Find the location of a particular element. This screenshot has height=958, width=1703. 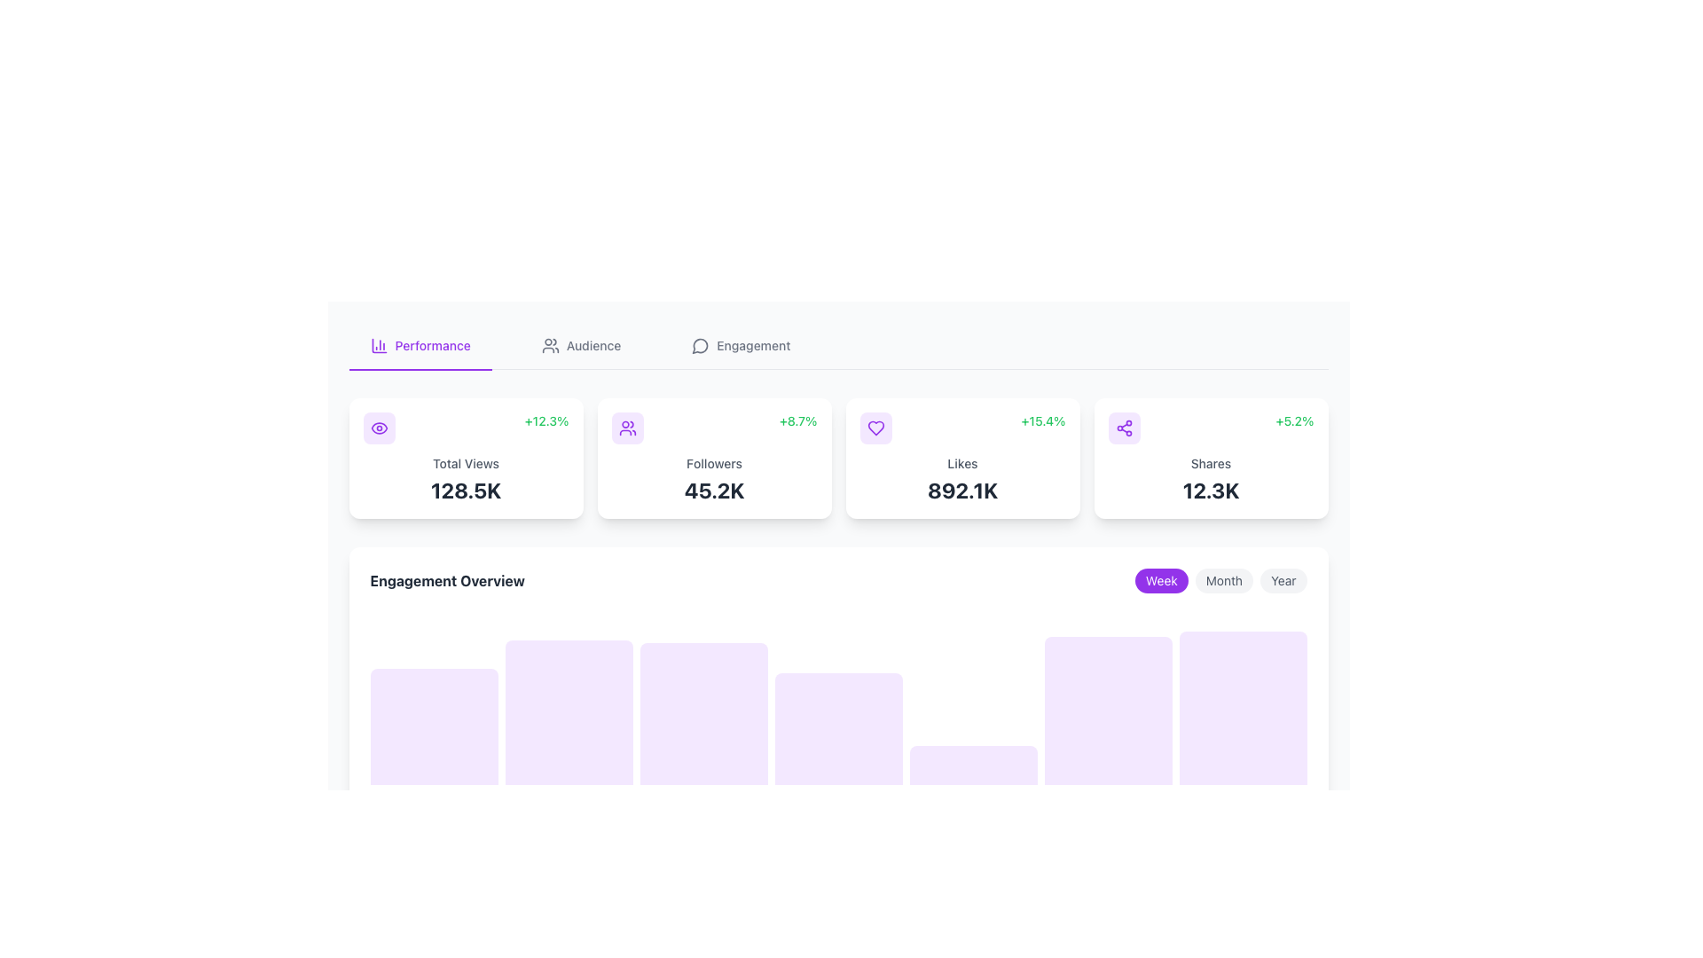

the circular speech bubble icon located to the left of the 'Engagement' label is located at coordinates (700, 345).